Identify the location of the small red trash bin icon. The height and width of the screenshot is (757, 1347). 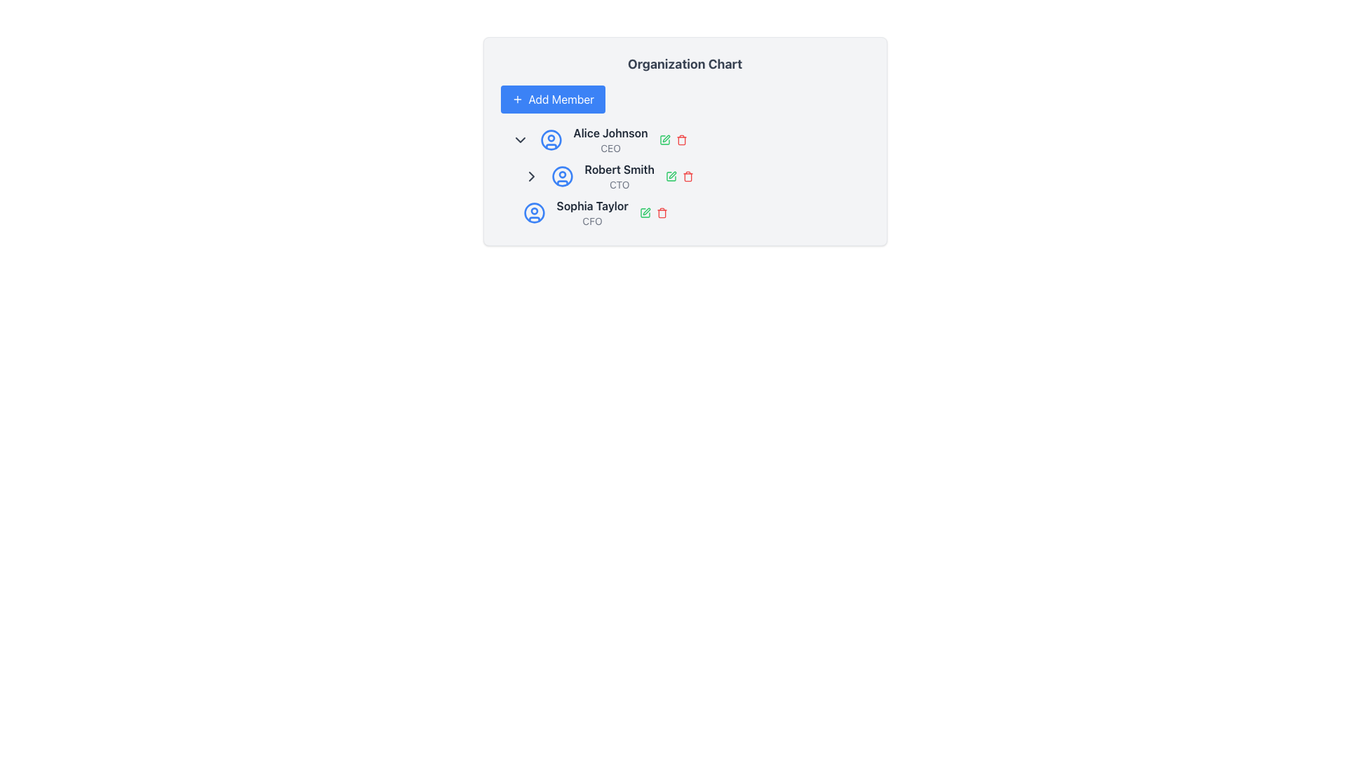
(681, 140).